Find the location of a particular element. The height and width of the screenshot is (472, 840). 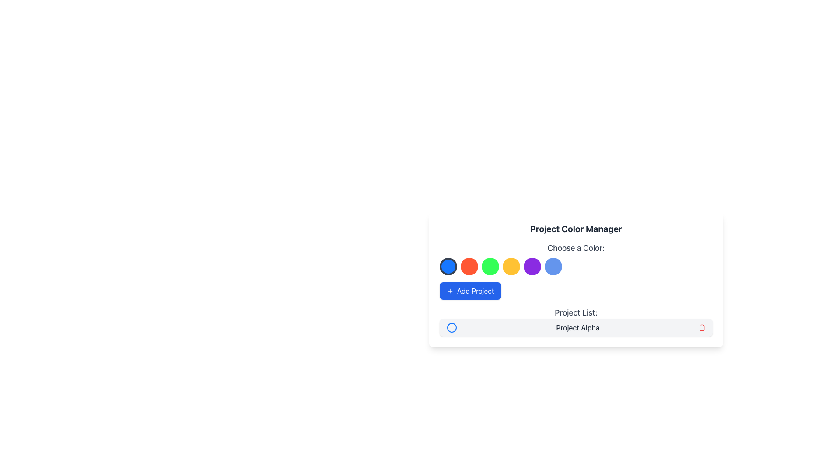

the SVG circle element that serves as a visual indicator, located before the text 'Project Alpha' in the 'Project List' section is located at coordinates (451, 327).